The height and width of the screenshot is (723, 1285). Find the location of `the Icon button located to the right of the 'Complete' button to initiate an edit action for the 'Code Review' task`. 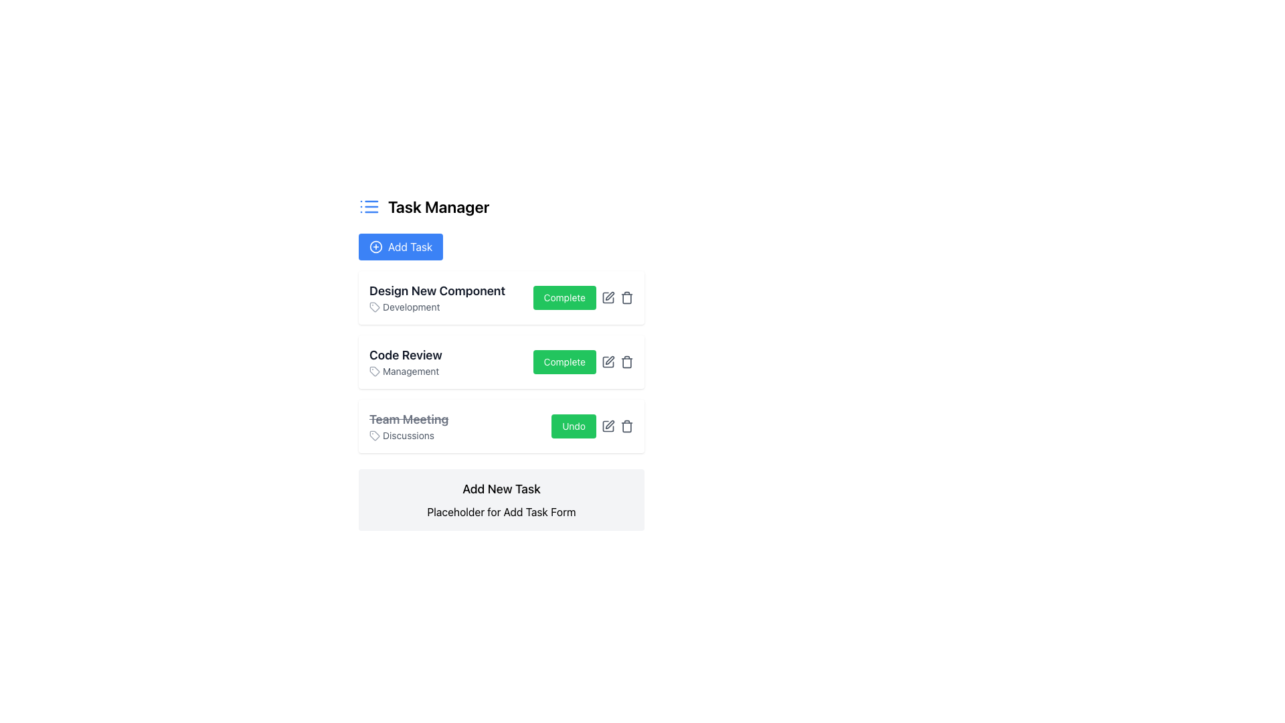

the Icon button located to the right of the 'Complete' button to initiate an edit action for the 'Code Review' task is located at coordinates (607, 361).